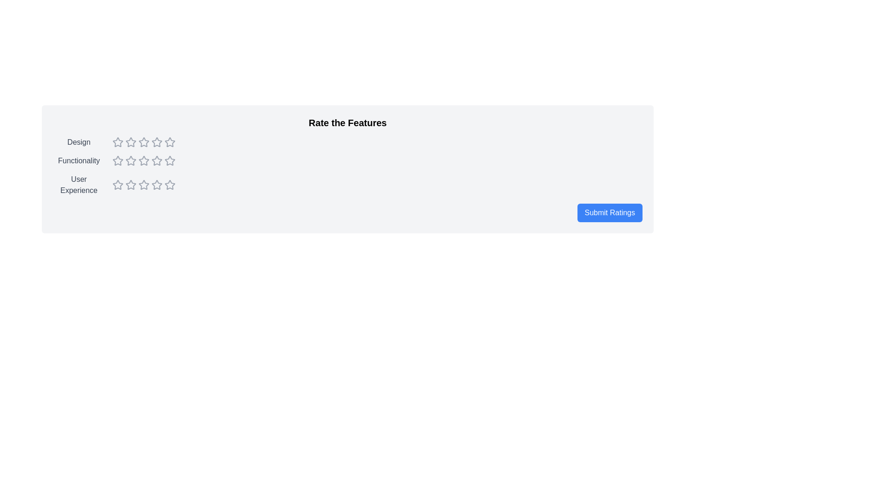 Image resolution: width=892 pixels, height=501 pixels. I want to click on the first star icon in the 'Design' rating component to prepare for interaction, so click(118, 142).